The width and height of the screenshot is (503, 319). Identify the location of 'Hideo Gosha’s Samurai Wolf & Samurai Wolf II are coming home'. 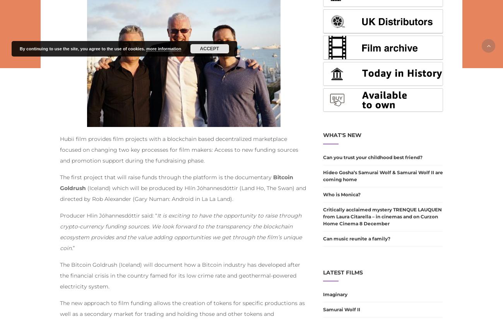
(382, 175).